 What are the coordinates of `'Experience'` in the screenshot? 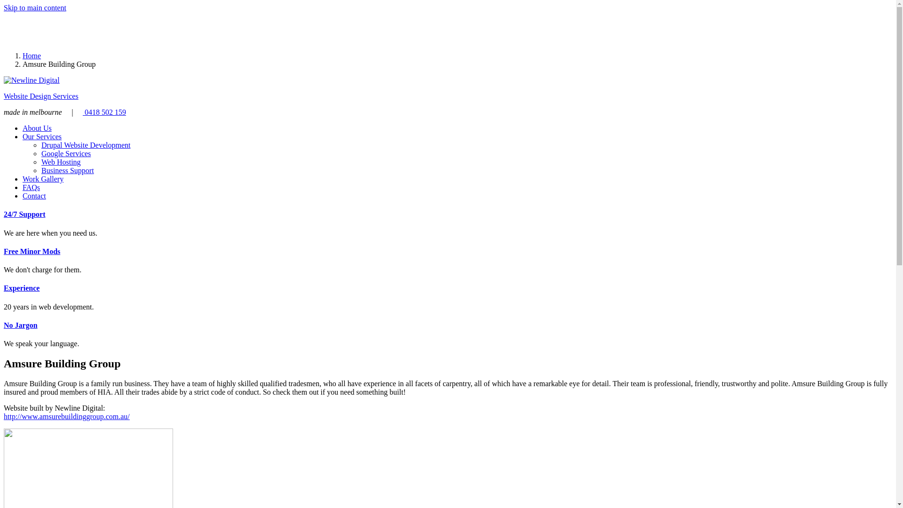 It's located at (22, 287).